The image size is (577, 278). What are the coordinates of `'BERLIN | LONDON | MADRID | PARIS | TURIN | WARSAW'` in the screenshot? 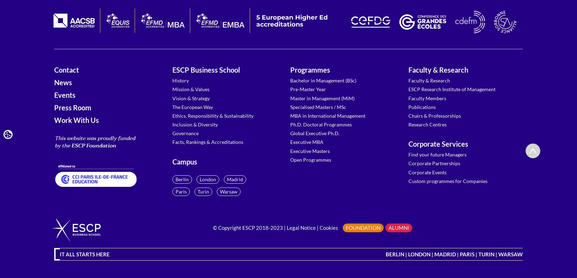 It's located at (454, 254).